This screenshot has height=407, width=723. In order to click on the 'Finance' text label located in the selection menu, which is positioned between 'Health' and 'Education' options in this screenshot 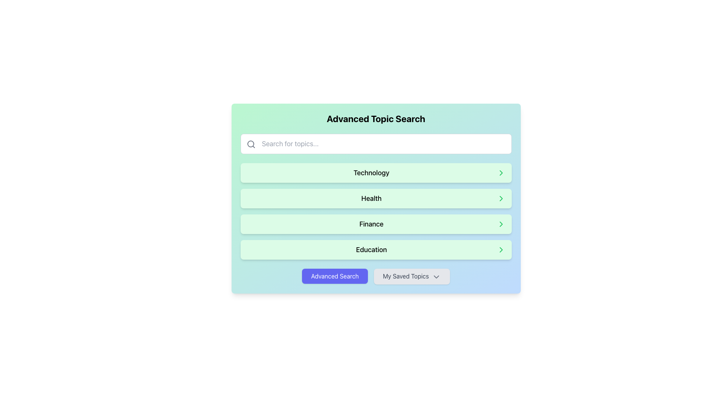, I will do `click(371, 223)`.